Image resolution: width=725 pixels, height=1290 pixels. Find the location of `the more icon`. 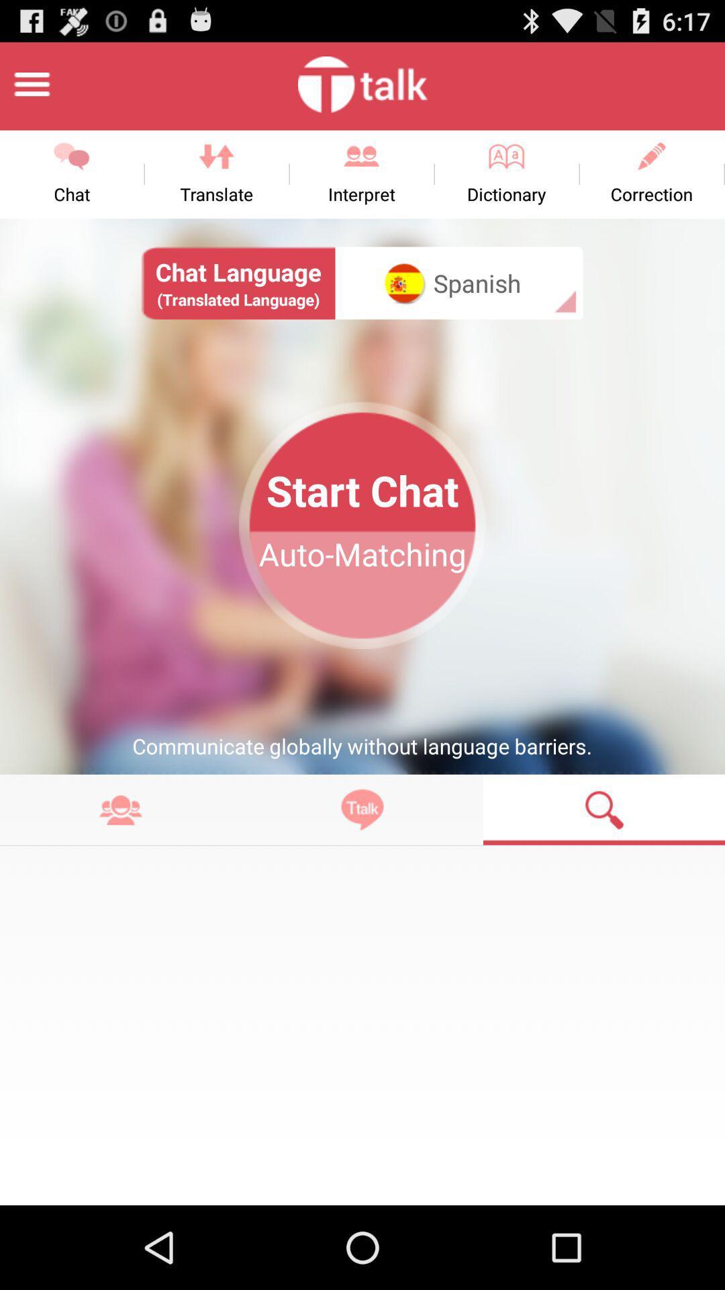

the more icon is located at coordinates (121, 866).